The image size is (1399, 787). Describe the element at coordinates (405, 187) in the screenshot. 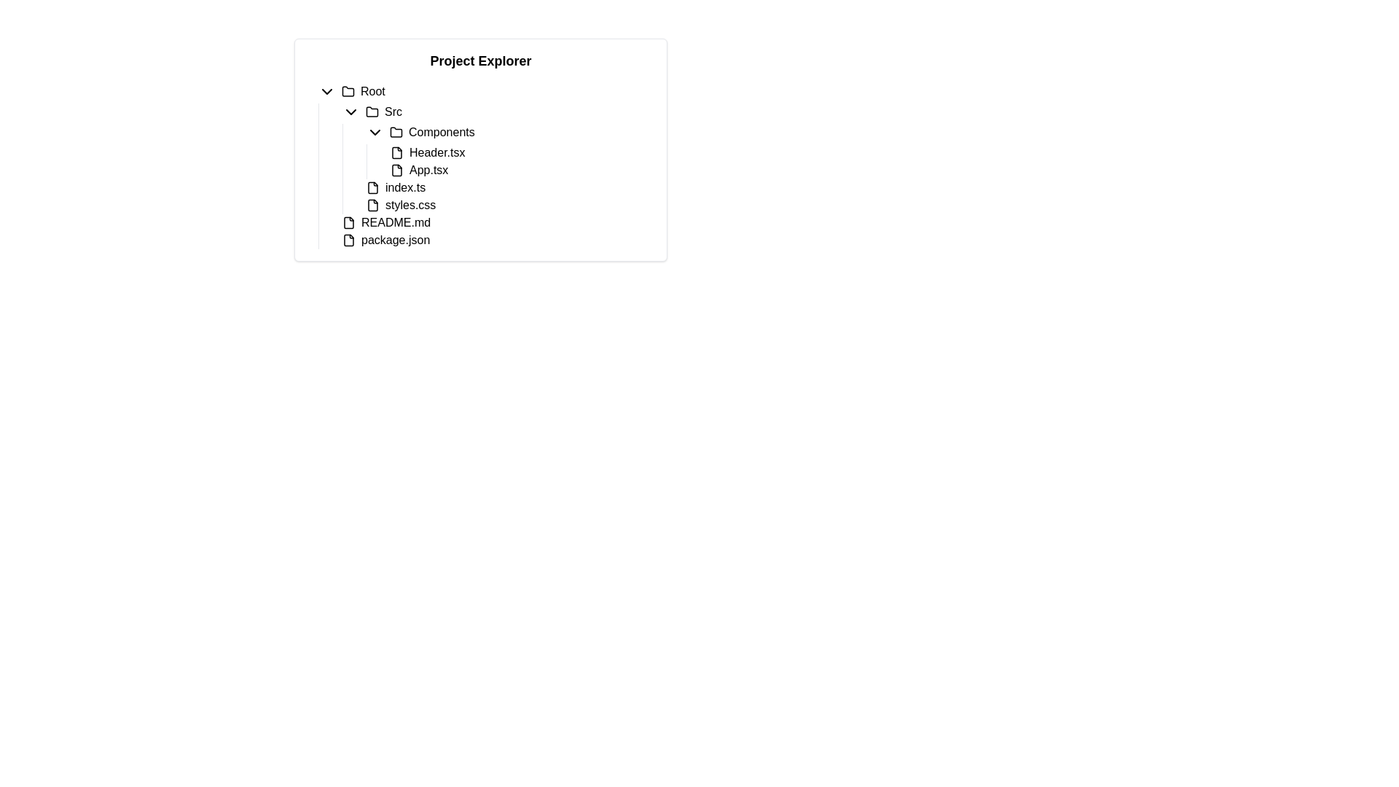

I see `the text label representing the 'index.ts' file in the project explorer` at that location.